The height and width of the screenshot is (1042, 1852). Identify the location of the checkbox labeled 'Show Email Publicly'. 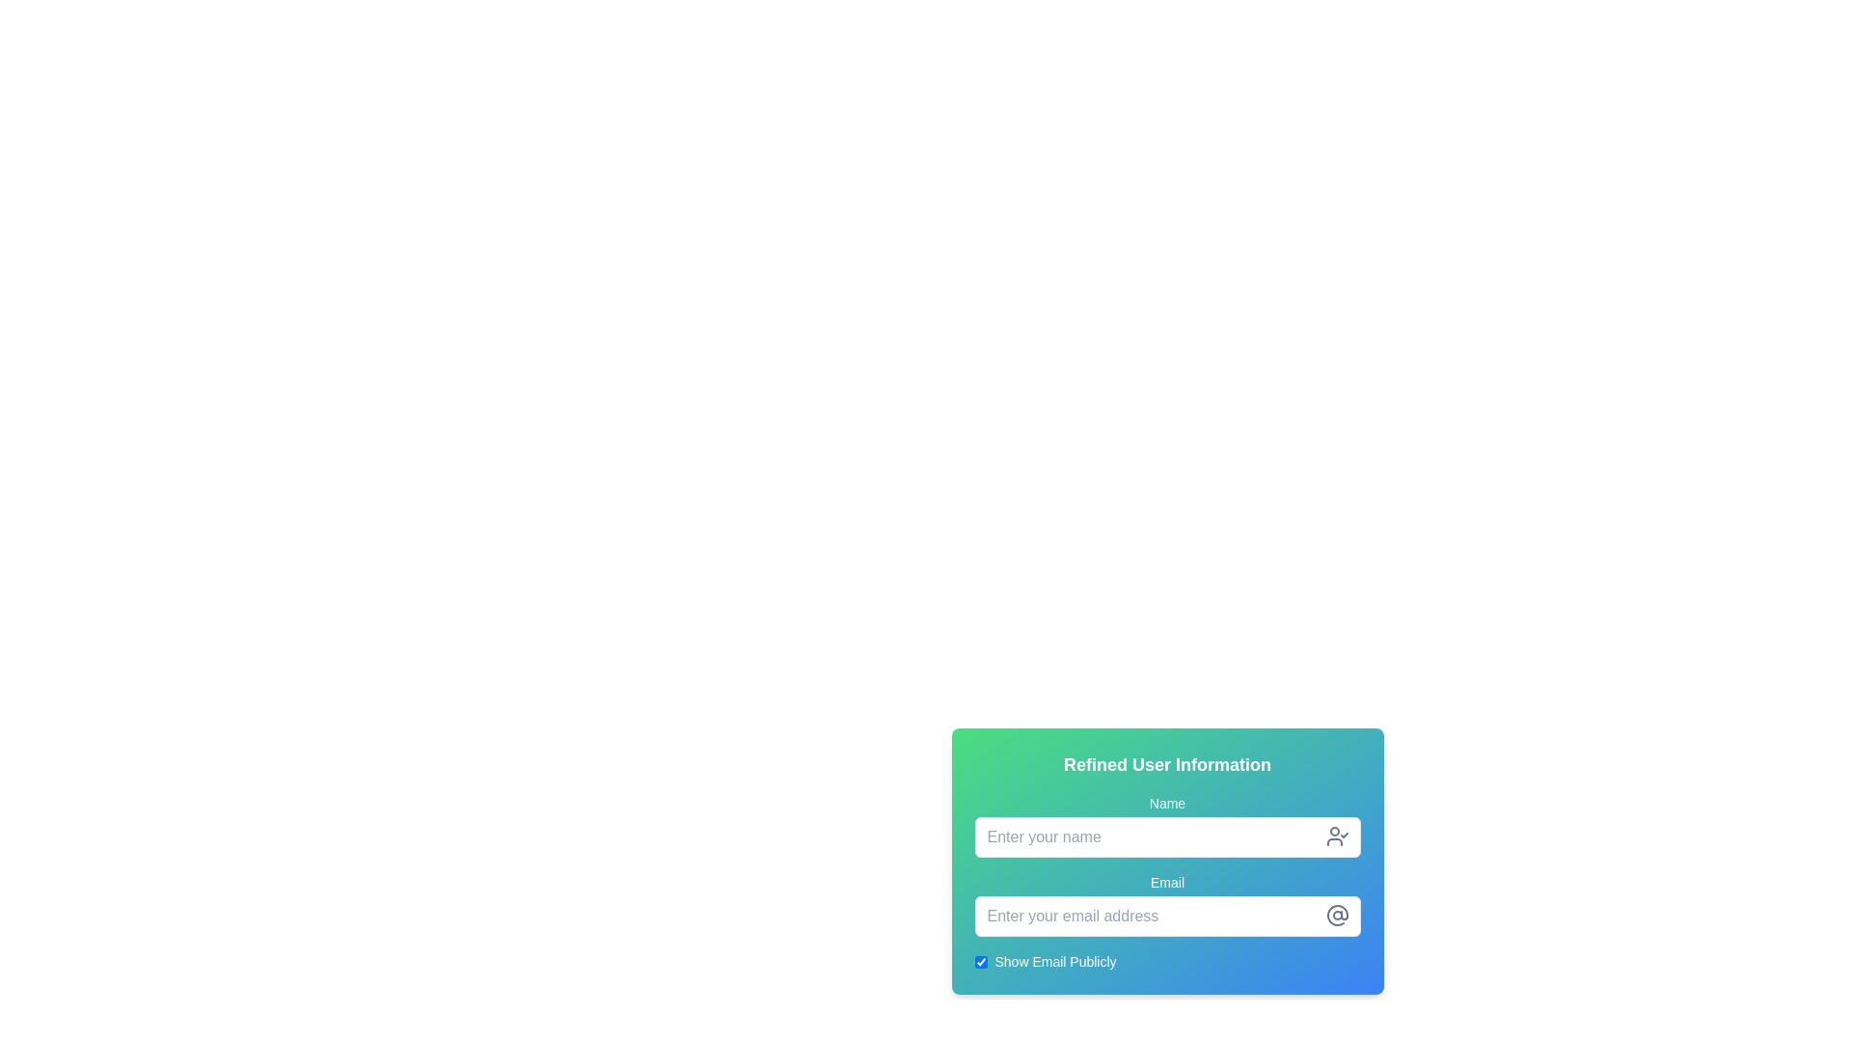
(1166, 961).